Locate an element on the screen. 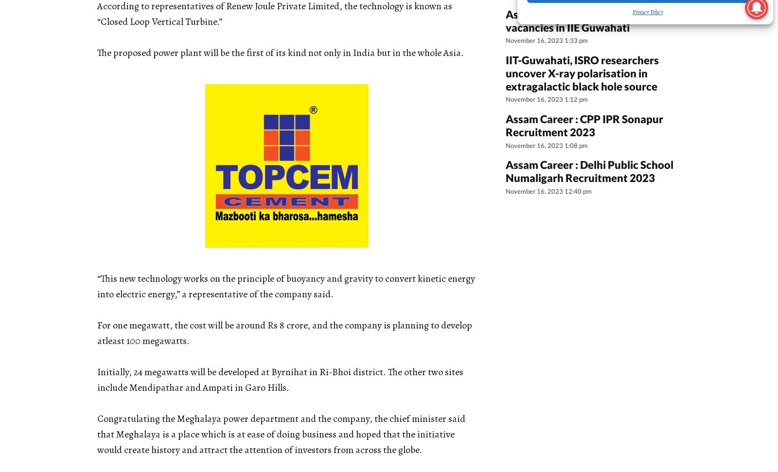 This screenshot has width=778, height=472. 'IIT-Guwahati, ISRO researchers uncover X-ray polarisation in extragalactic black hole source' is located at coordinates (582, 72).